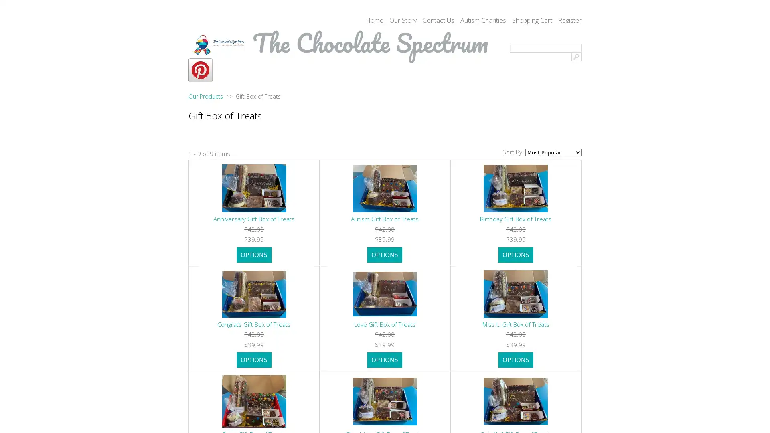 The image size is (770, 433). What do you see at coordinates (384, 360) in the screenshot?
I see `Options` at bounding box center [384, 360].